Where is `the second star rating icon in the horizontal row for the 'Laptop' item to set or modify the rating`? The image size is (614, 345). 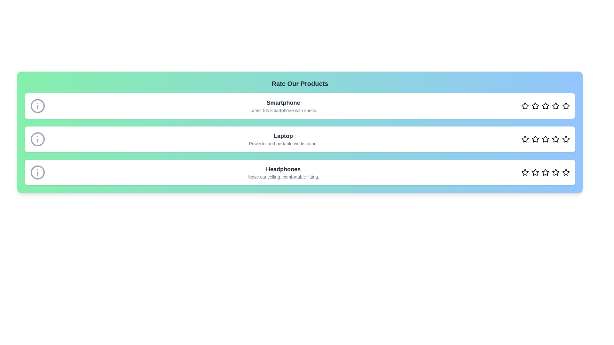 the second star rating icon in the horizontal row for the 'Laptop' item to set or modify the rating is located at coordinates (535, 139).